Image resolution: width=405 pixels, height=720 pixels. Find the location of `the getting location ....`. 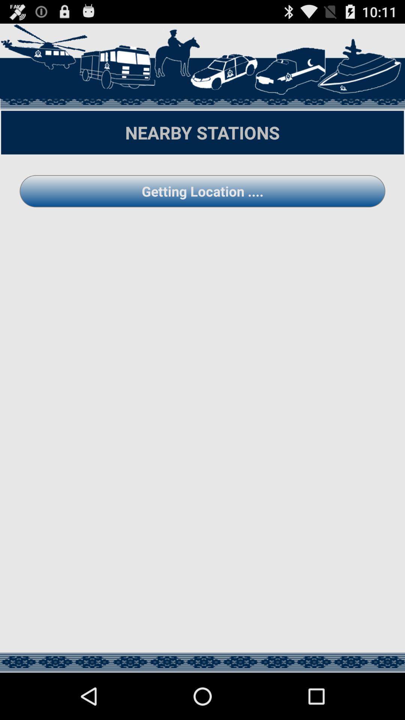

the getting location .... is located at coordinates (202, 191).